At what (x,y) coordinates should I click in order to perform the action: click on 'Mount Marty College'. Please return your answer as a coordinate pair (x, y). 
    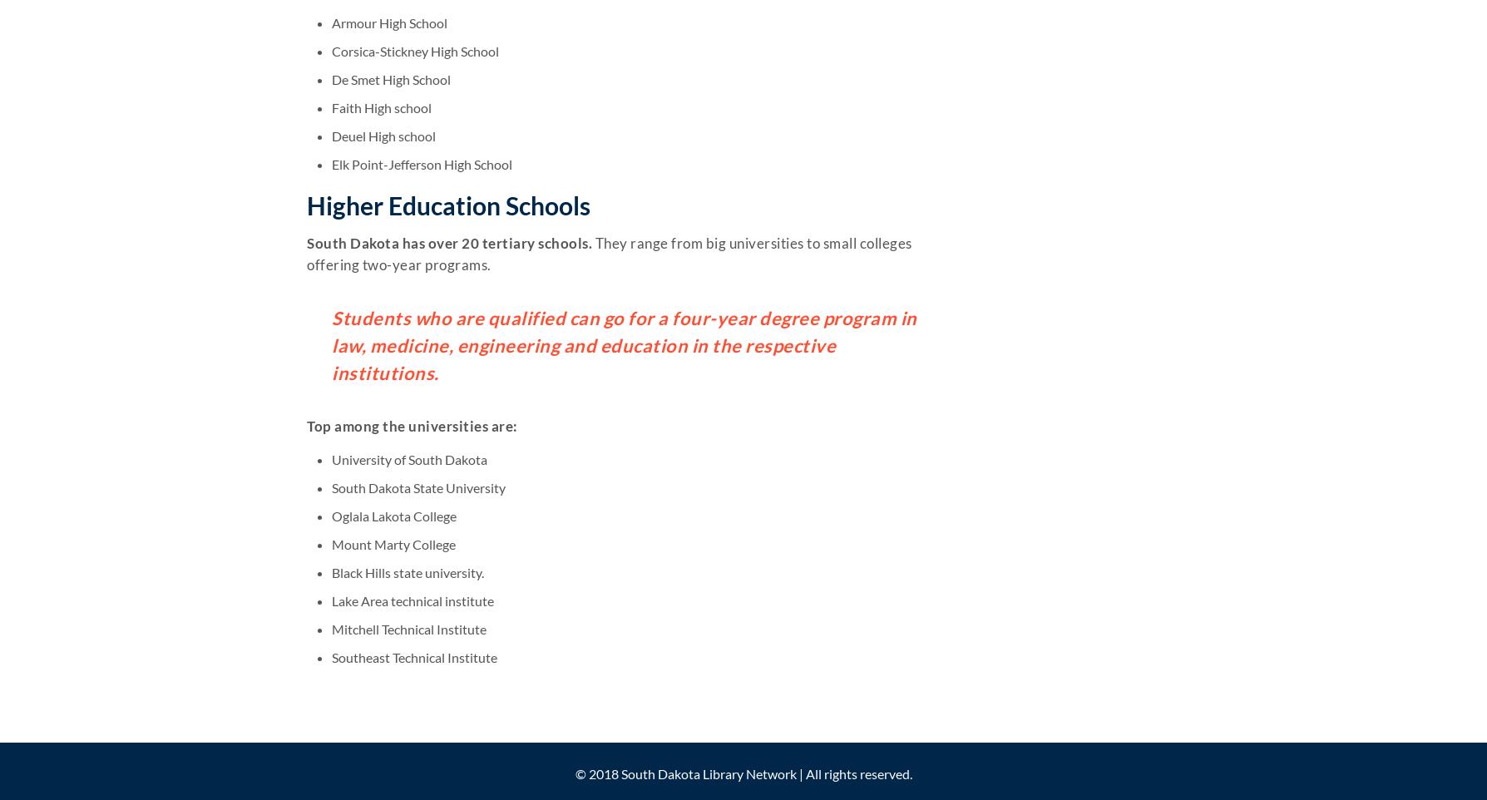
    Looking at the image, I should click on (393, 543).